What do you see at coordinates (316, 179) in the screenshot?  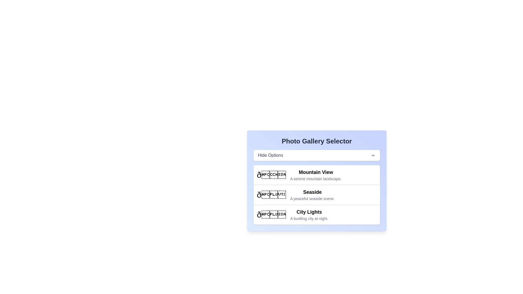 I see `description text for the photo gallery item titled 'Mountain View' located directly below its title in the gallery selector interface` at bounding box center [316, 179].